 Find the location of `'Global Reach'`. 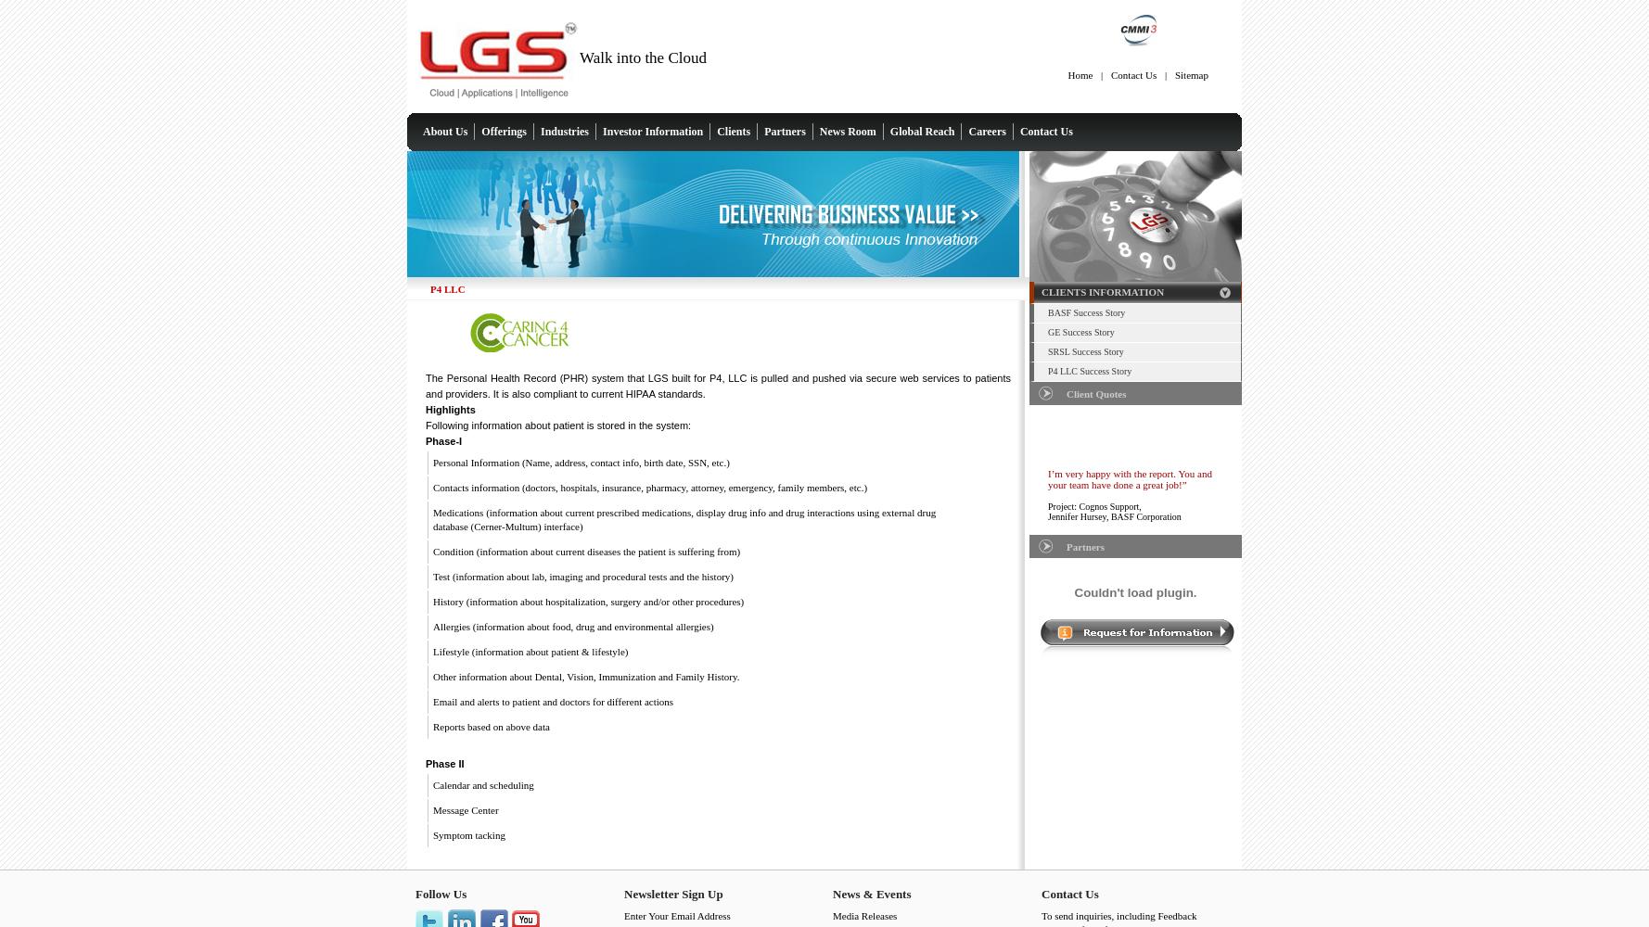

'Global Reach' is located at coordinates (921, 132).